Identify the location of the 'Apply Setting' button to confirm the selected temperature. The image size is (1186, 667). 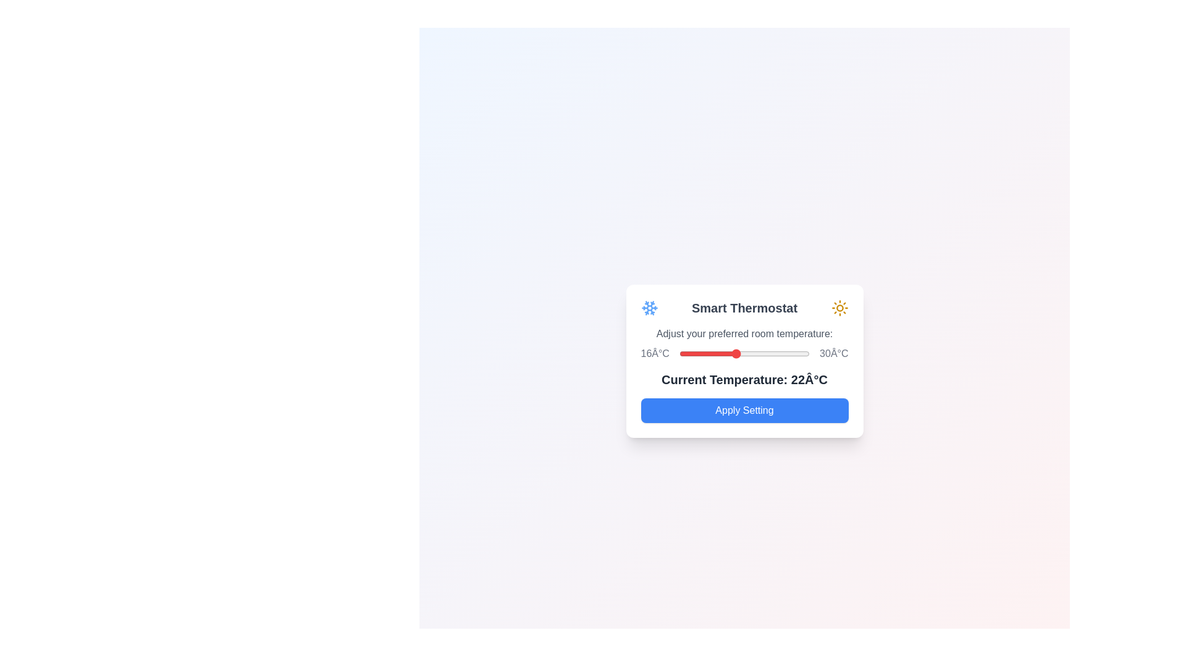
(744, 410).